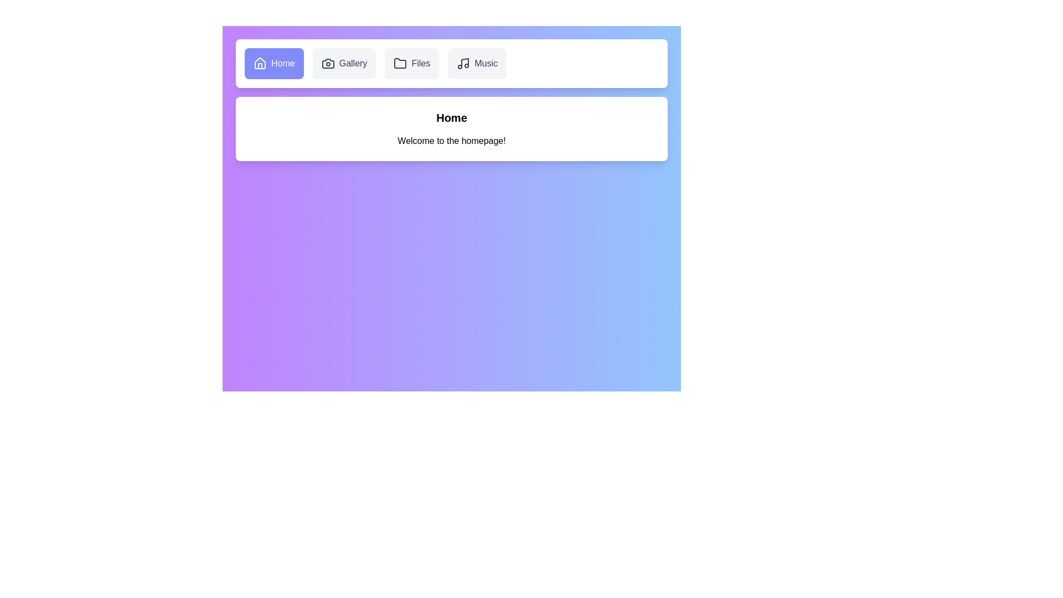 The height and width of the screenshot is (598, 1063). I want to click on the Music tab by clicking on it, so click(477, 64).